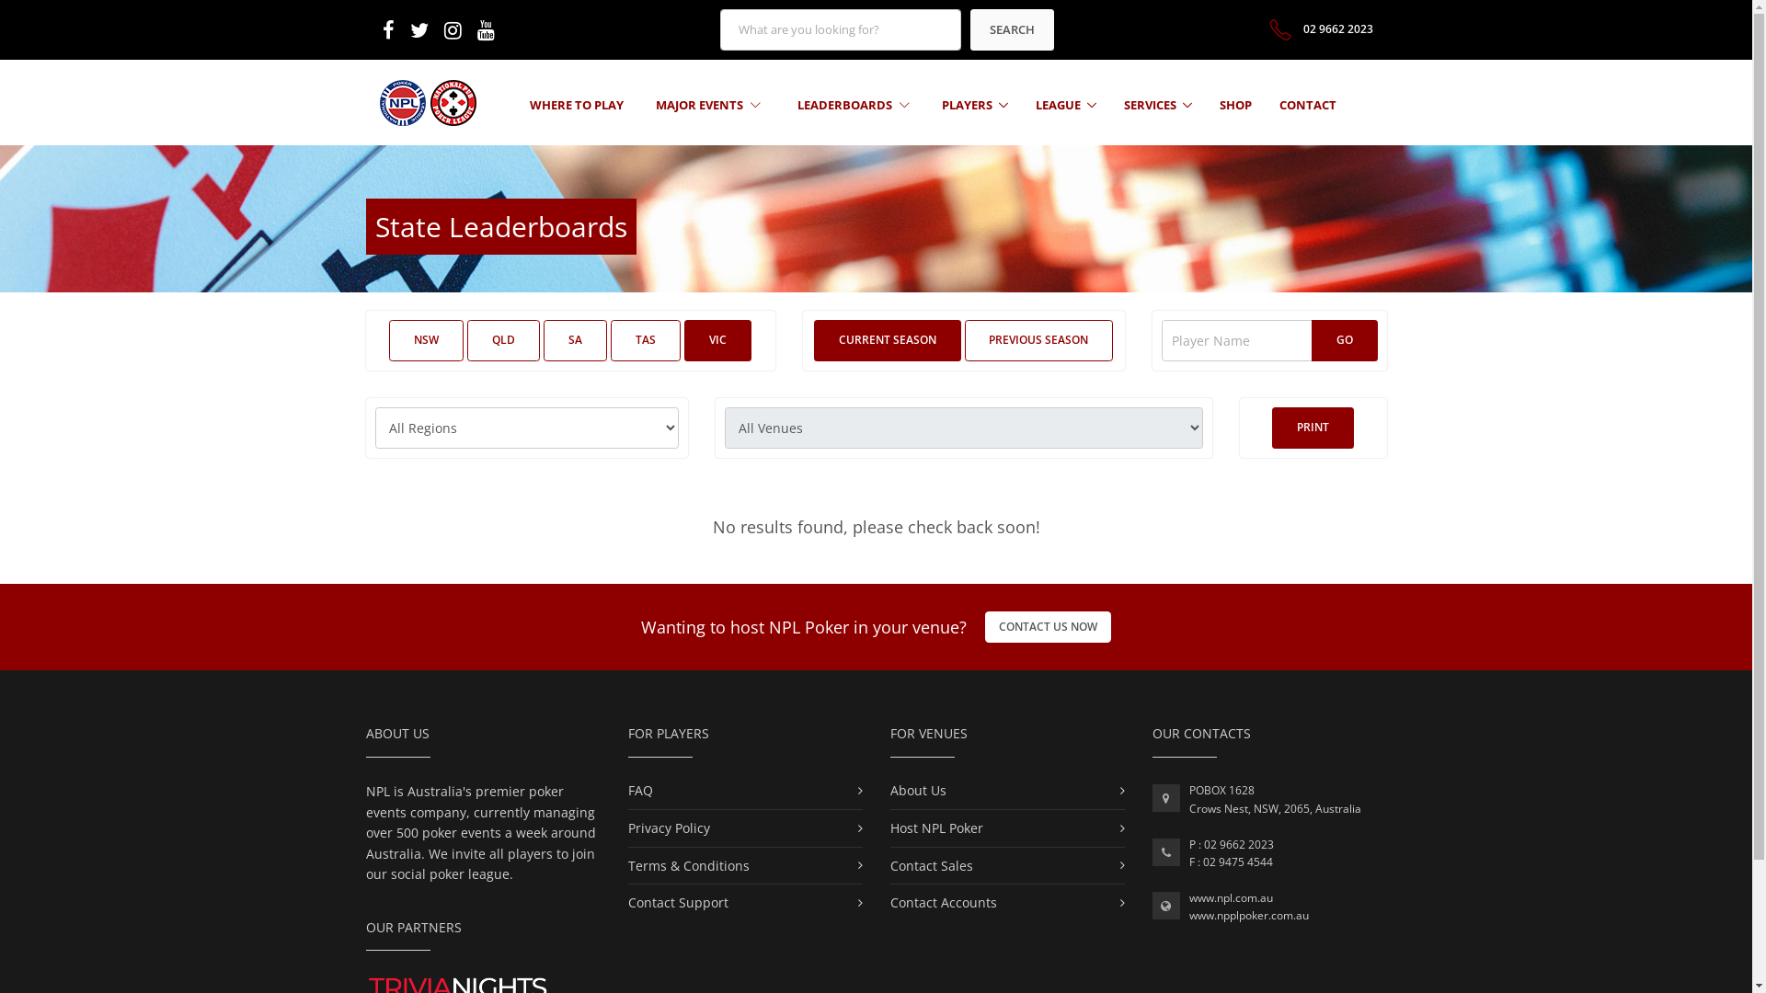  I want to click on 'MAJOR EVENTS', so click(706, 105).